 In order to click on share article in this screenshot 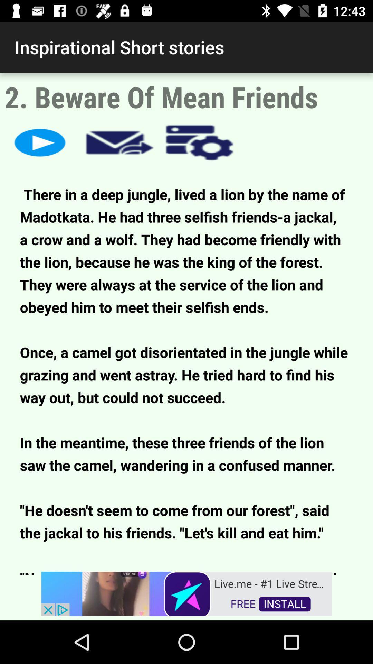, I will do `click(119, 142)`.